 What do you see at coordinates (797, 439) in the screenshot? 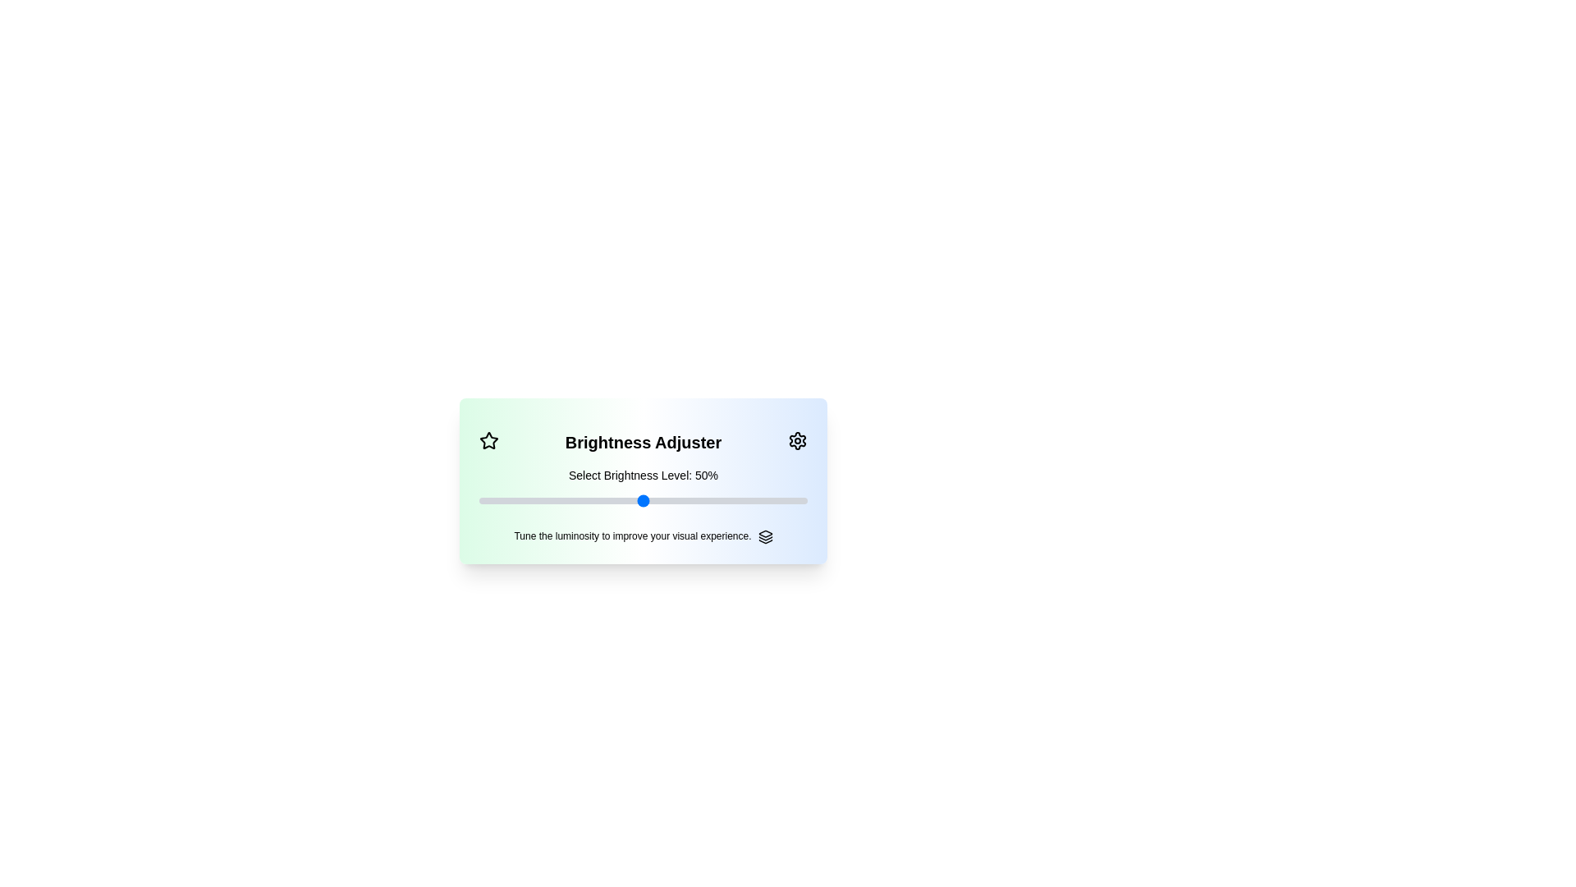
I see `the settings icon to display its tooltip` at bounding box center [797, 439].